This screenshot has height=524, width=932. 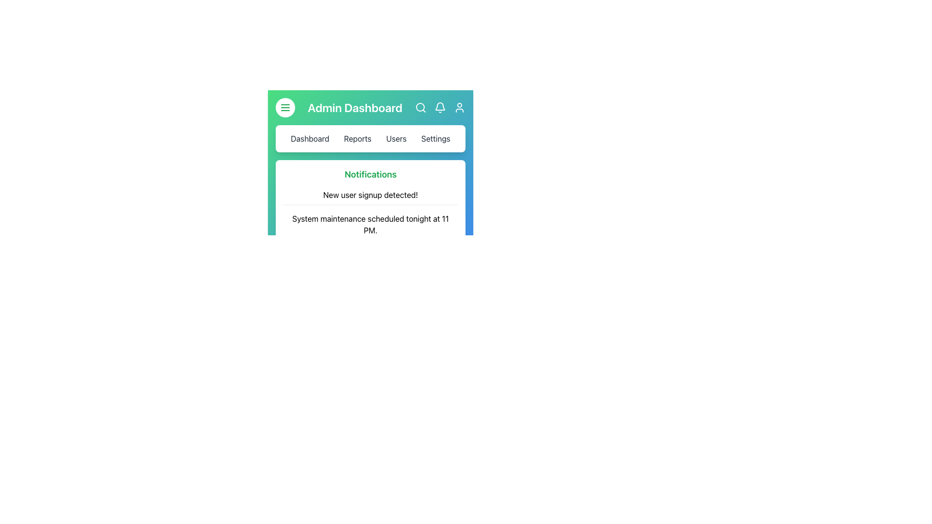 I want to click on the text block displaying the notification message 'System maintenance scheduled tonight at 11 PM.', which is the second item in the Notifications list, so click(x=370, y=225).